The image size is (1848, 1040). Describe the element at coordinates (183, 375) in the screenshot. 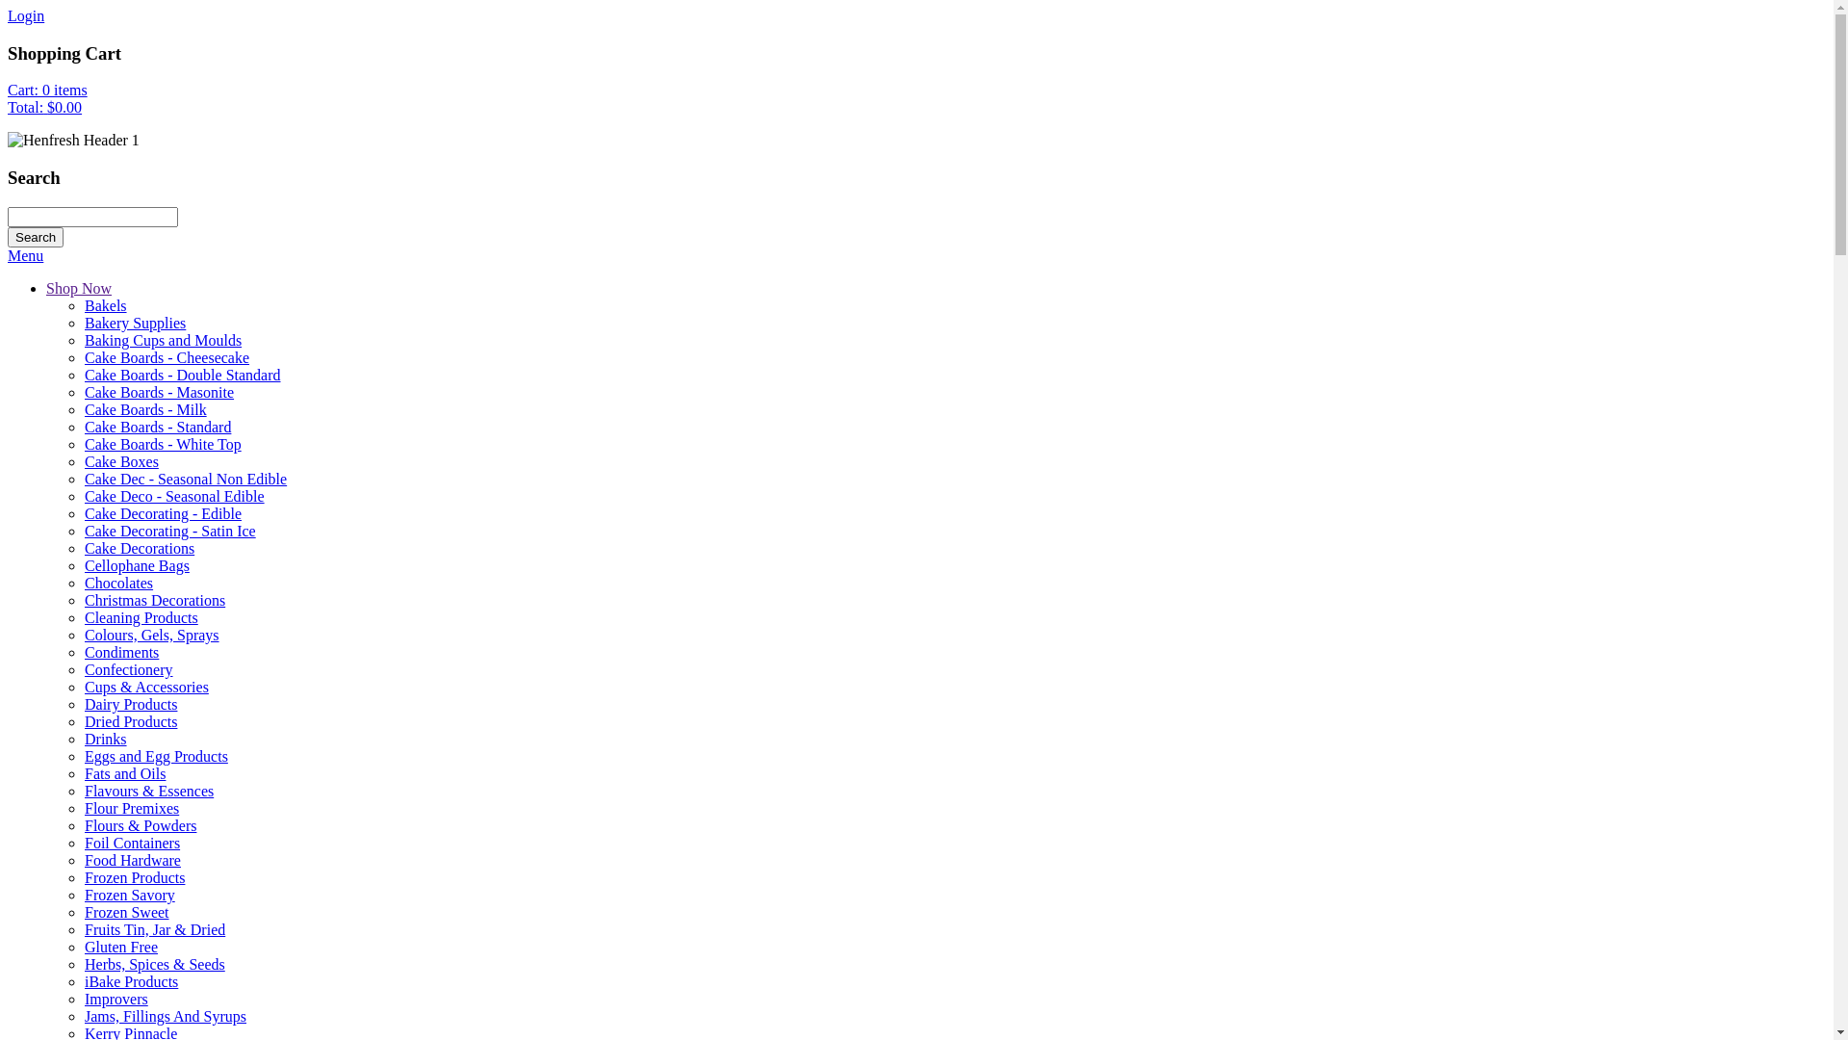

I see `'Cake Boards - Double Standard'` at that location.